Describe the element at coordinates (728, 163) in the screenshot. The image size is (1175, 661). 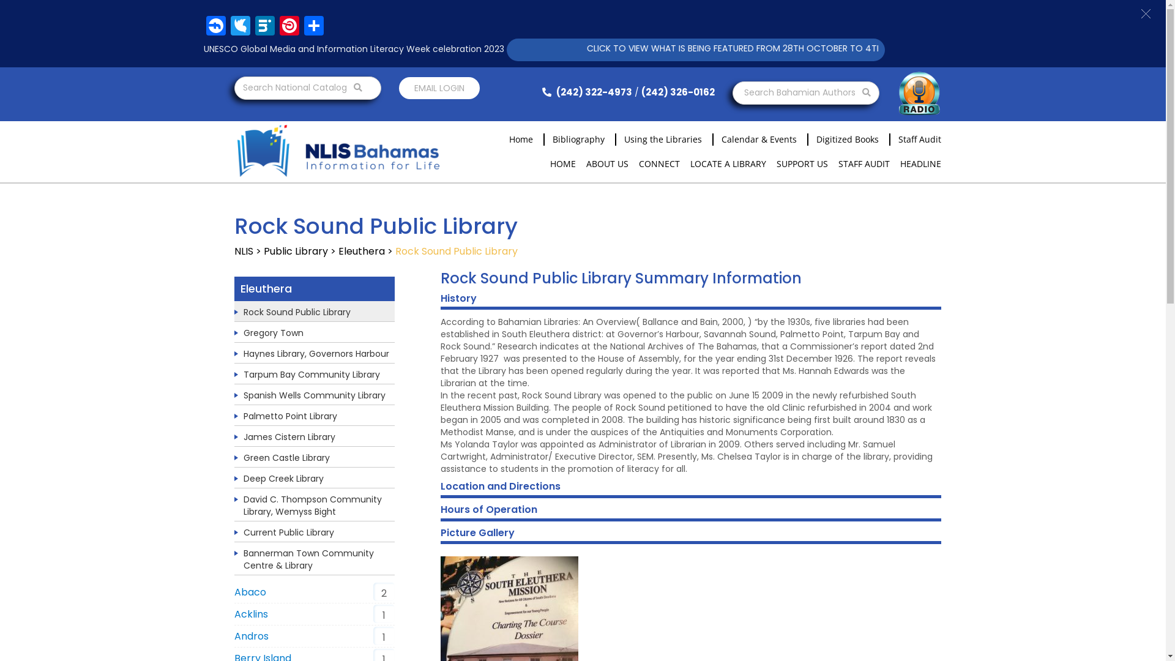
I see `'LOCATE A LIBRARY'` at that location.